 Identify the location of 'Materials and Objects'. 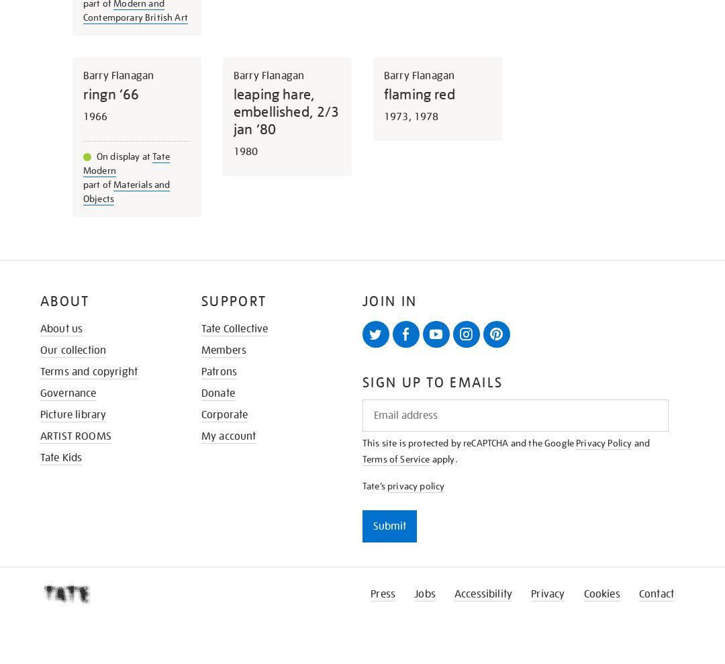
(83, 191).